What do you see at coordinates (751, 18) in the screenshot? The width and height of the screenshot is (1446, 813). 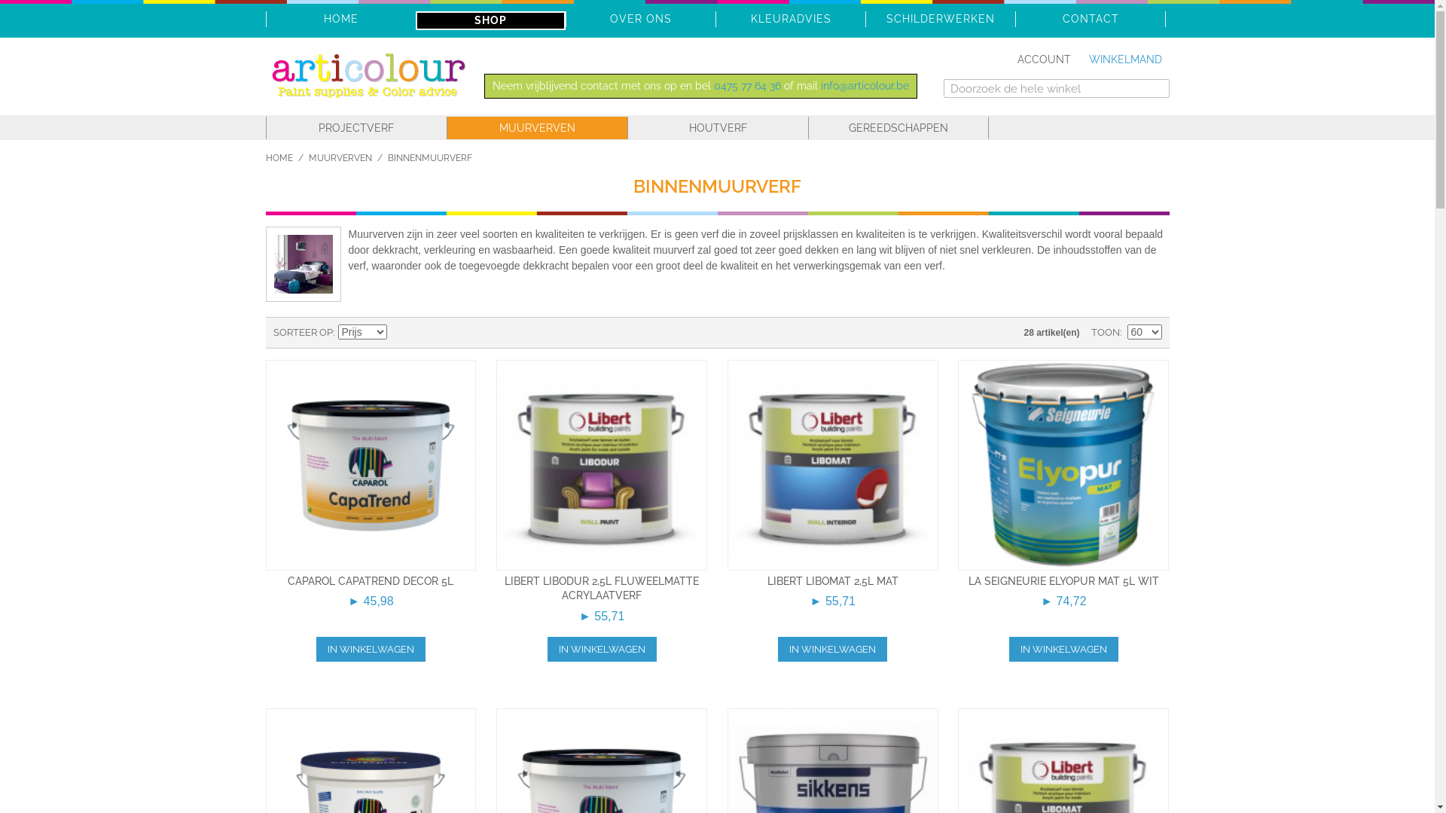 I see `'KLEURADVIES'` at bounding box center [751, 18].